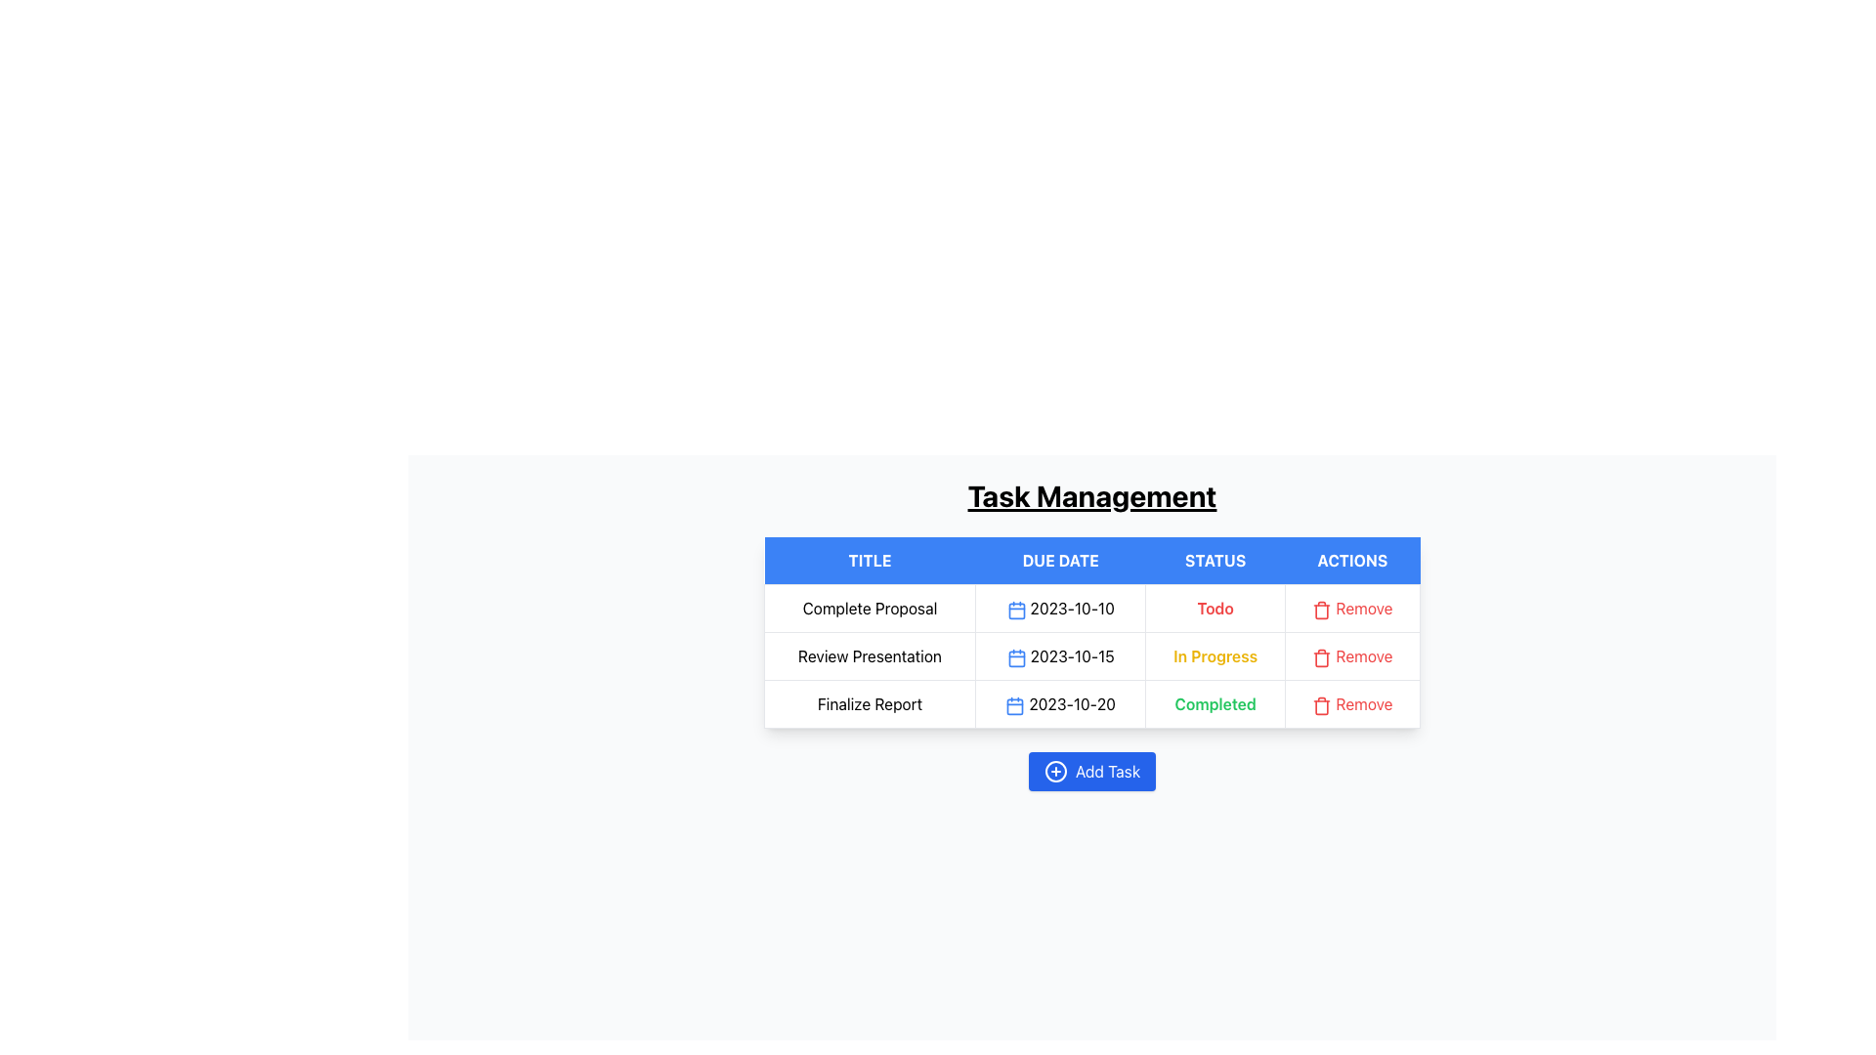 Image resolution: width=1876 pixels, height=1055 pixels. I want to click on the 'ACTIONS' header in the table which has a blue background and bold white text, located in the fourth column of the header row, so click(1351, 561).